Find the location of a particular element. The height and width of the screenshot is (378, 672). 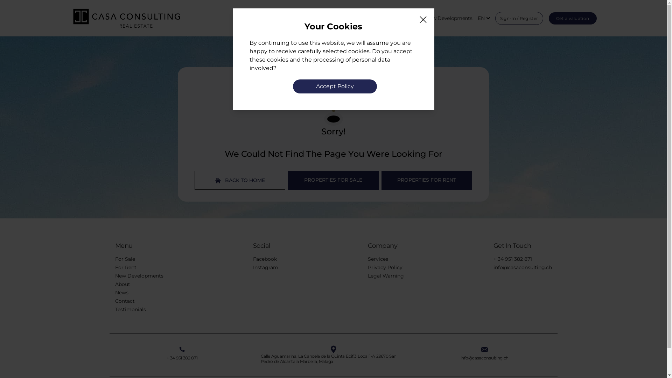

'Facebook' is located at coordinates (264, 259).